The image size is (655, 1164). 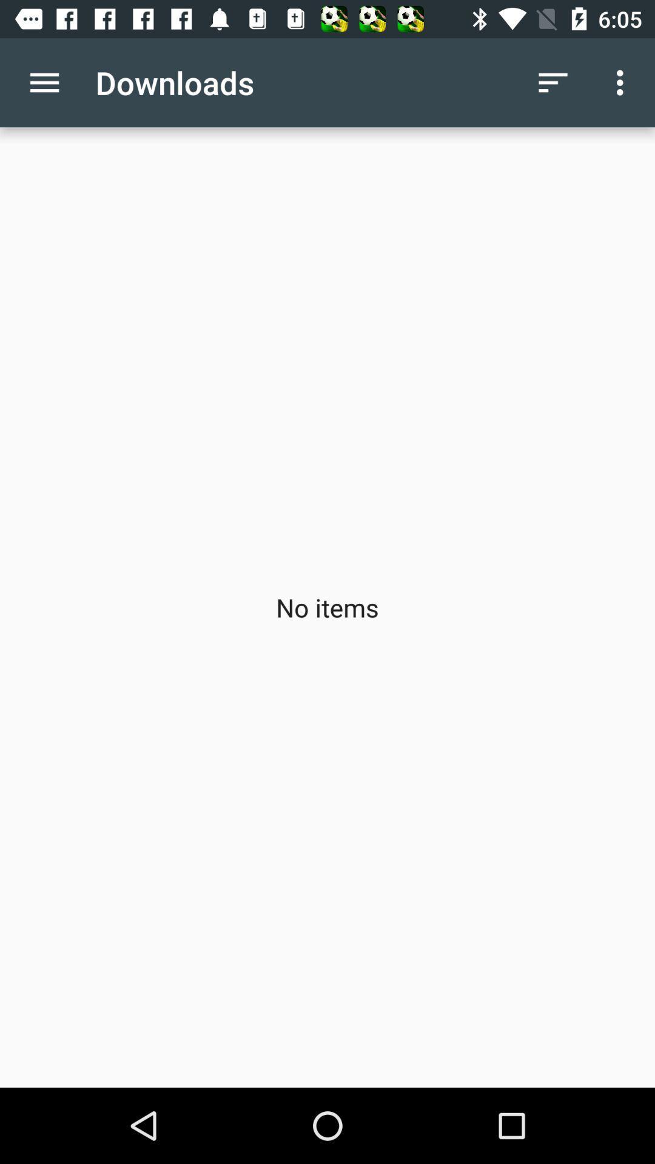 I want to click on the item above no items icon, so click(x=44, y=82).